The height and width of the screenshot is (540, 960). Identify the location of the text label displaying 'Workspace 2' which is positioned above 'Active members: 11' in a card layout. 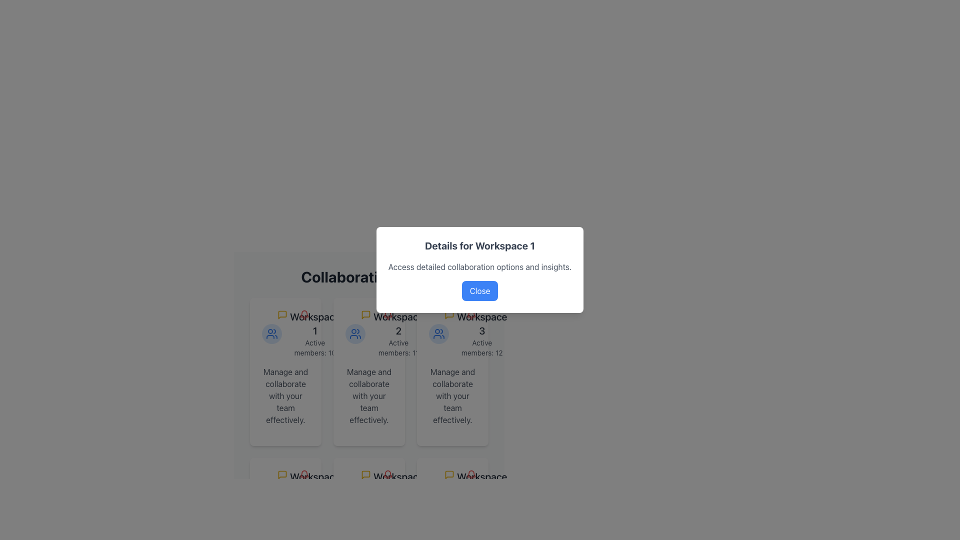
(398, 324).